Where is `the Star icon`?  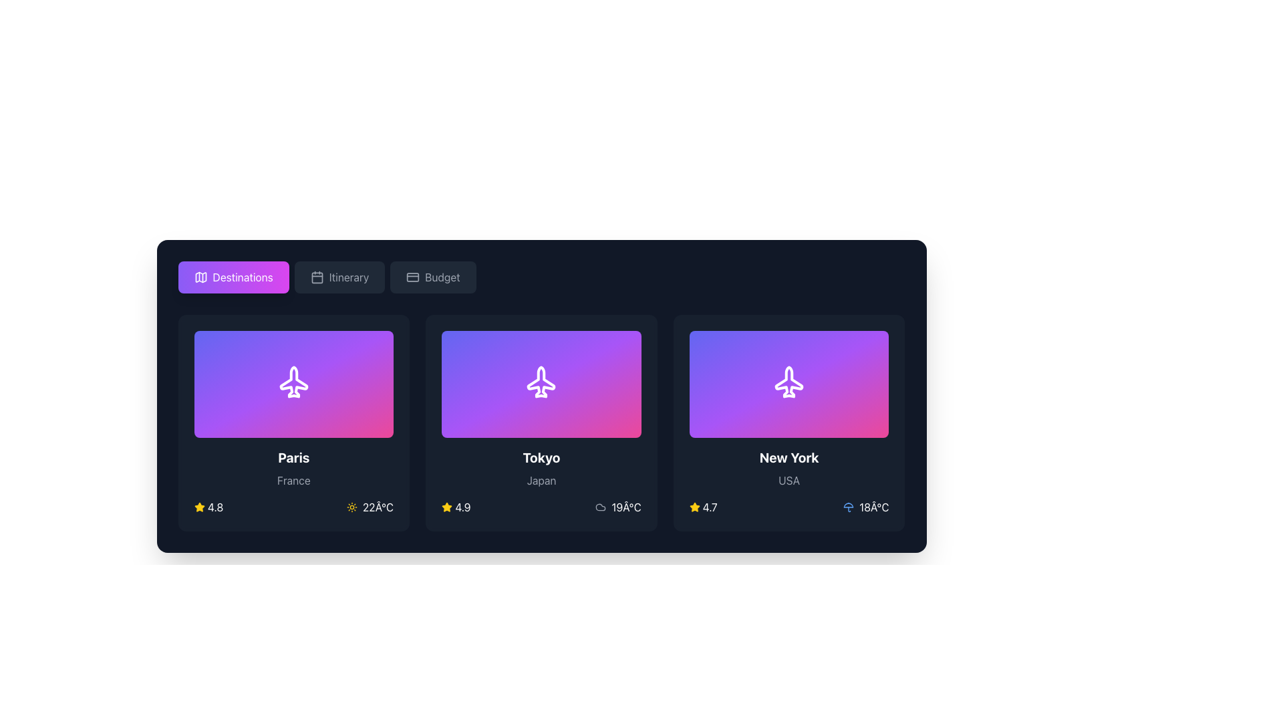
the Star icon is located at coordinates (198, 507).